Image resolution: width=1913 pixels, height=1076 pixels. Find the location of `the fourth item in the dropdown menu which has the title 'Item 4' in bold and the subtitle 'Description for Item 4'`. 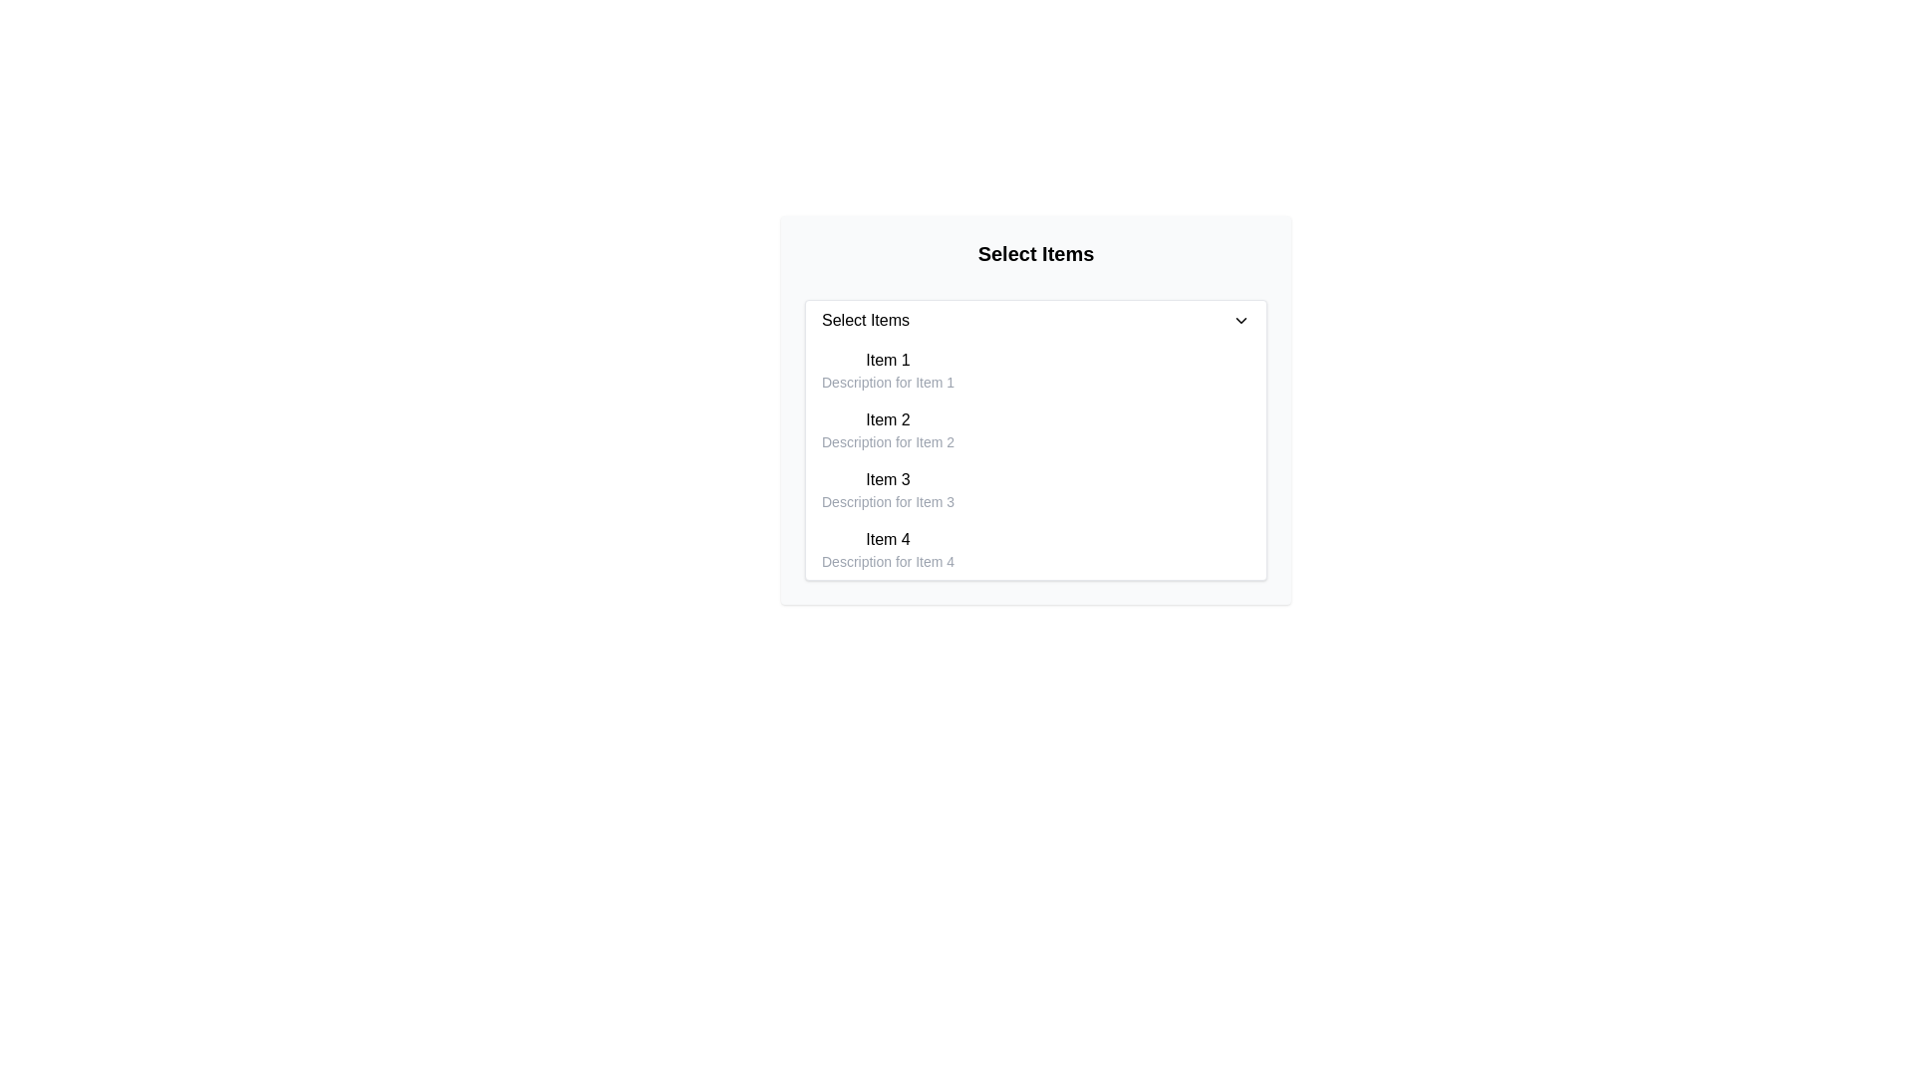

the fourth item in the dropdown menu which has the title 'Item 4' in bold and the subtitle 'Description for Item 4' is located at coordinates (887, 549).